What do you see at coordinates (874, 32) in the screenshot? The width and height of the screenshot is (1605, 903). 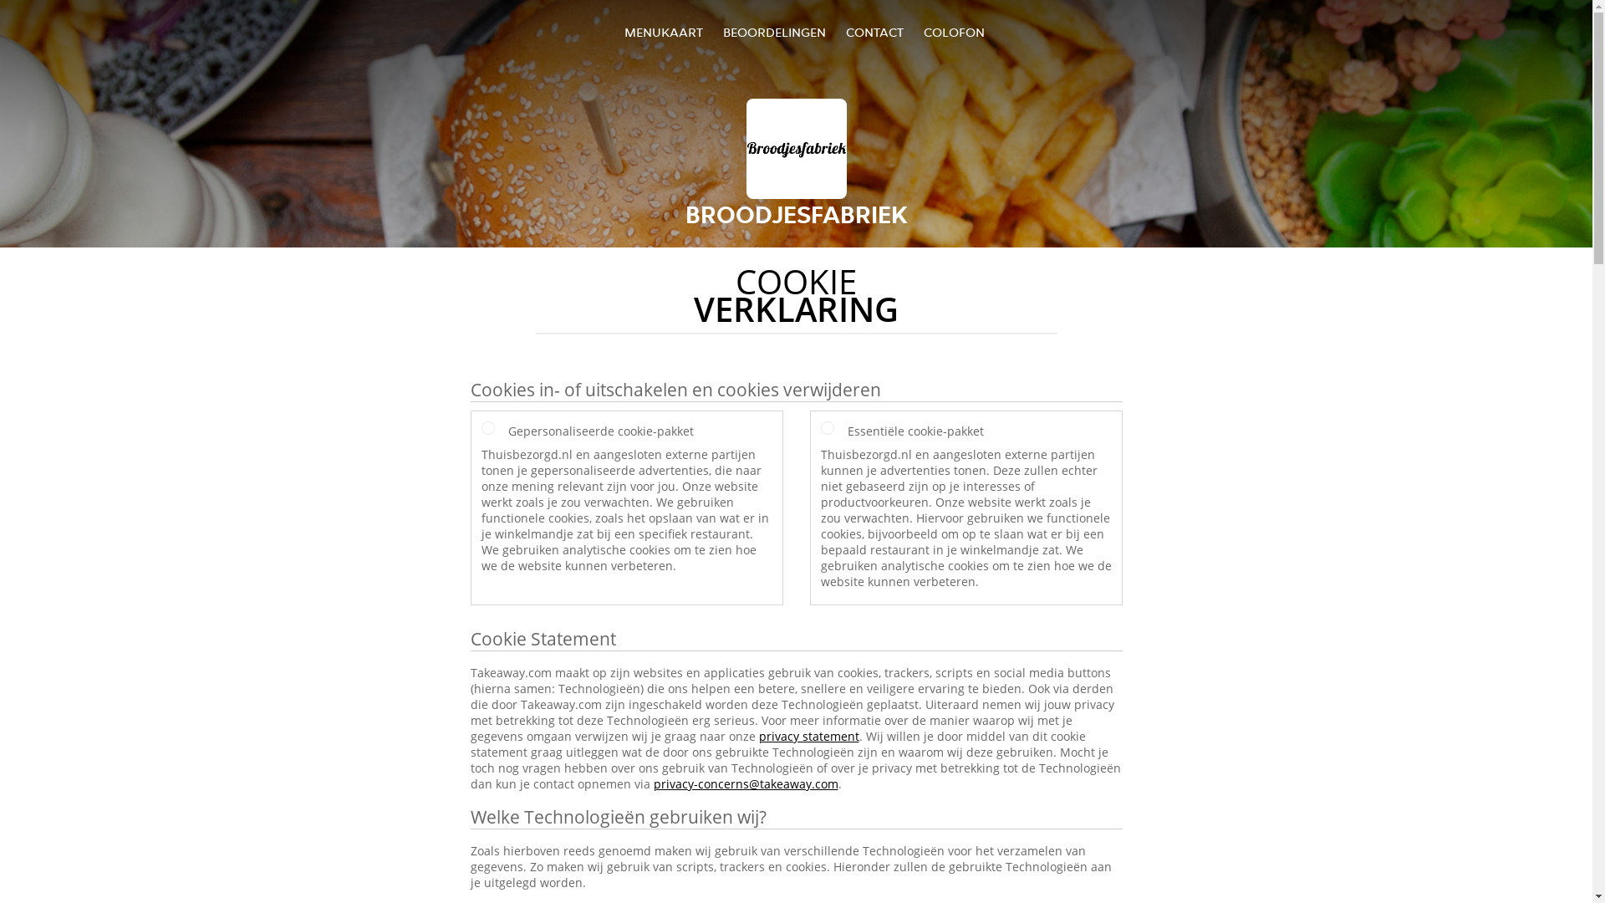 I see `'CONTACT'` at bounding box center [874, 32].